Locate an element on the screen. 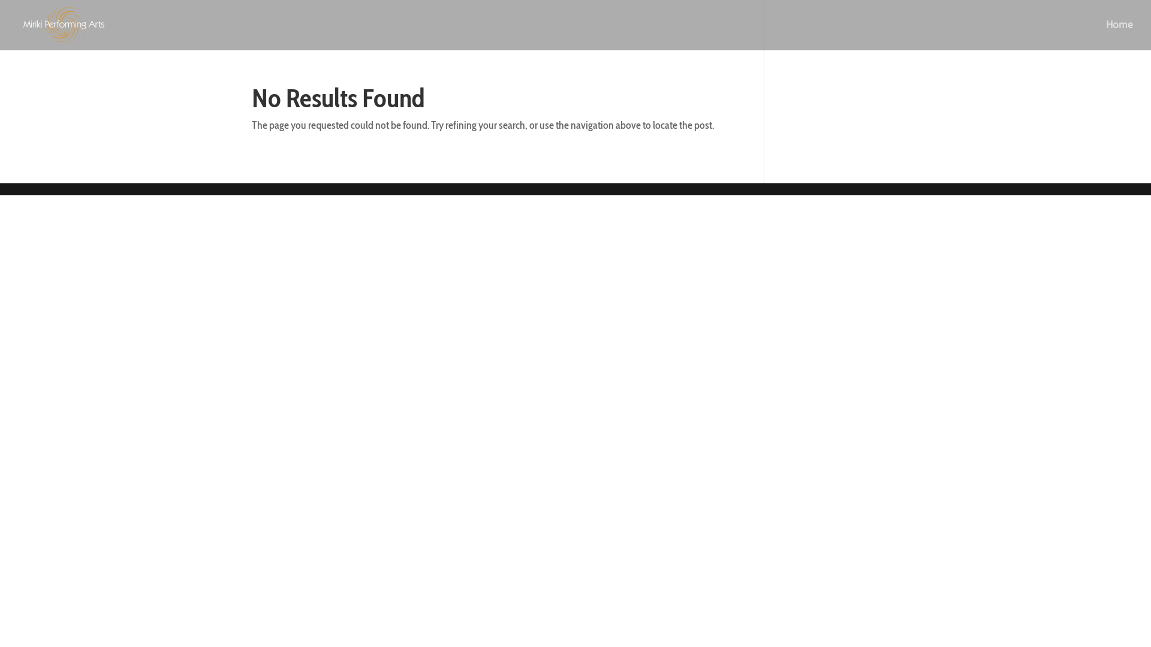 This screenshot has width=1151, height=647. 'Home' is located at coordinates (1105, 35).